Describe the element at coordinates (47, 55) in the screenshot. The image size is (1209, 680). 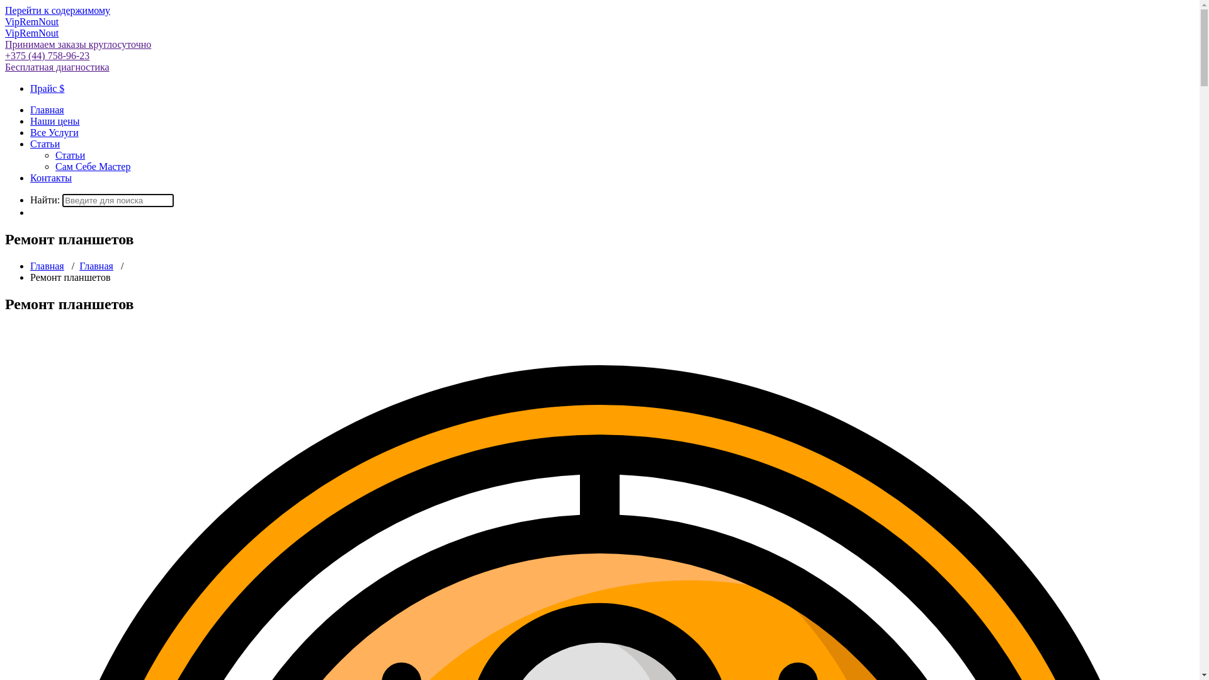
I see `'+375 (44) 758-96-23'` at that location.